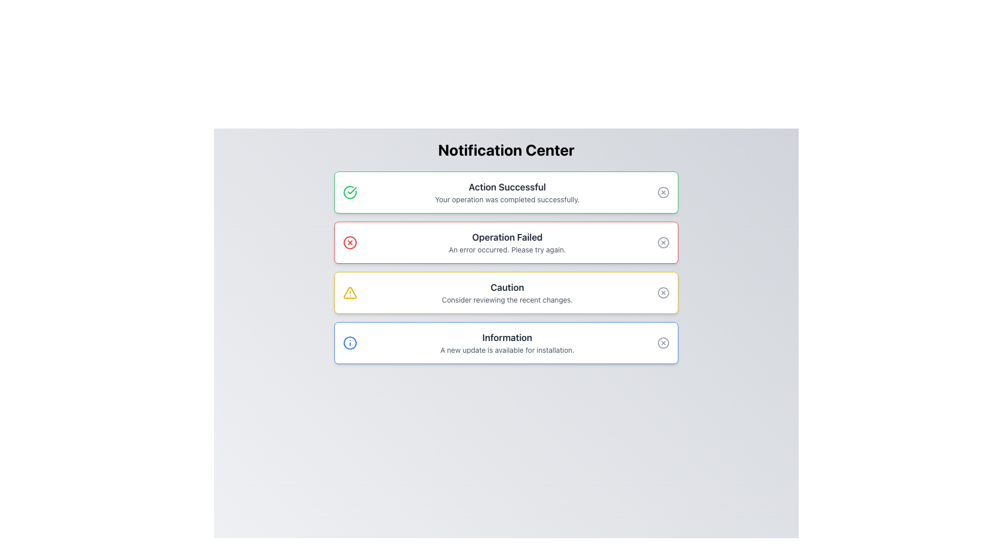 This screenshot has width=983, height=553. Describe the element at coordinates (350, 343) in the screenshot. I see `the informational icon located at the top-left corner of the 'Information' message box in the fourth row of the 'Notification Center' list` at that location.